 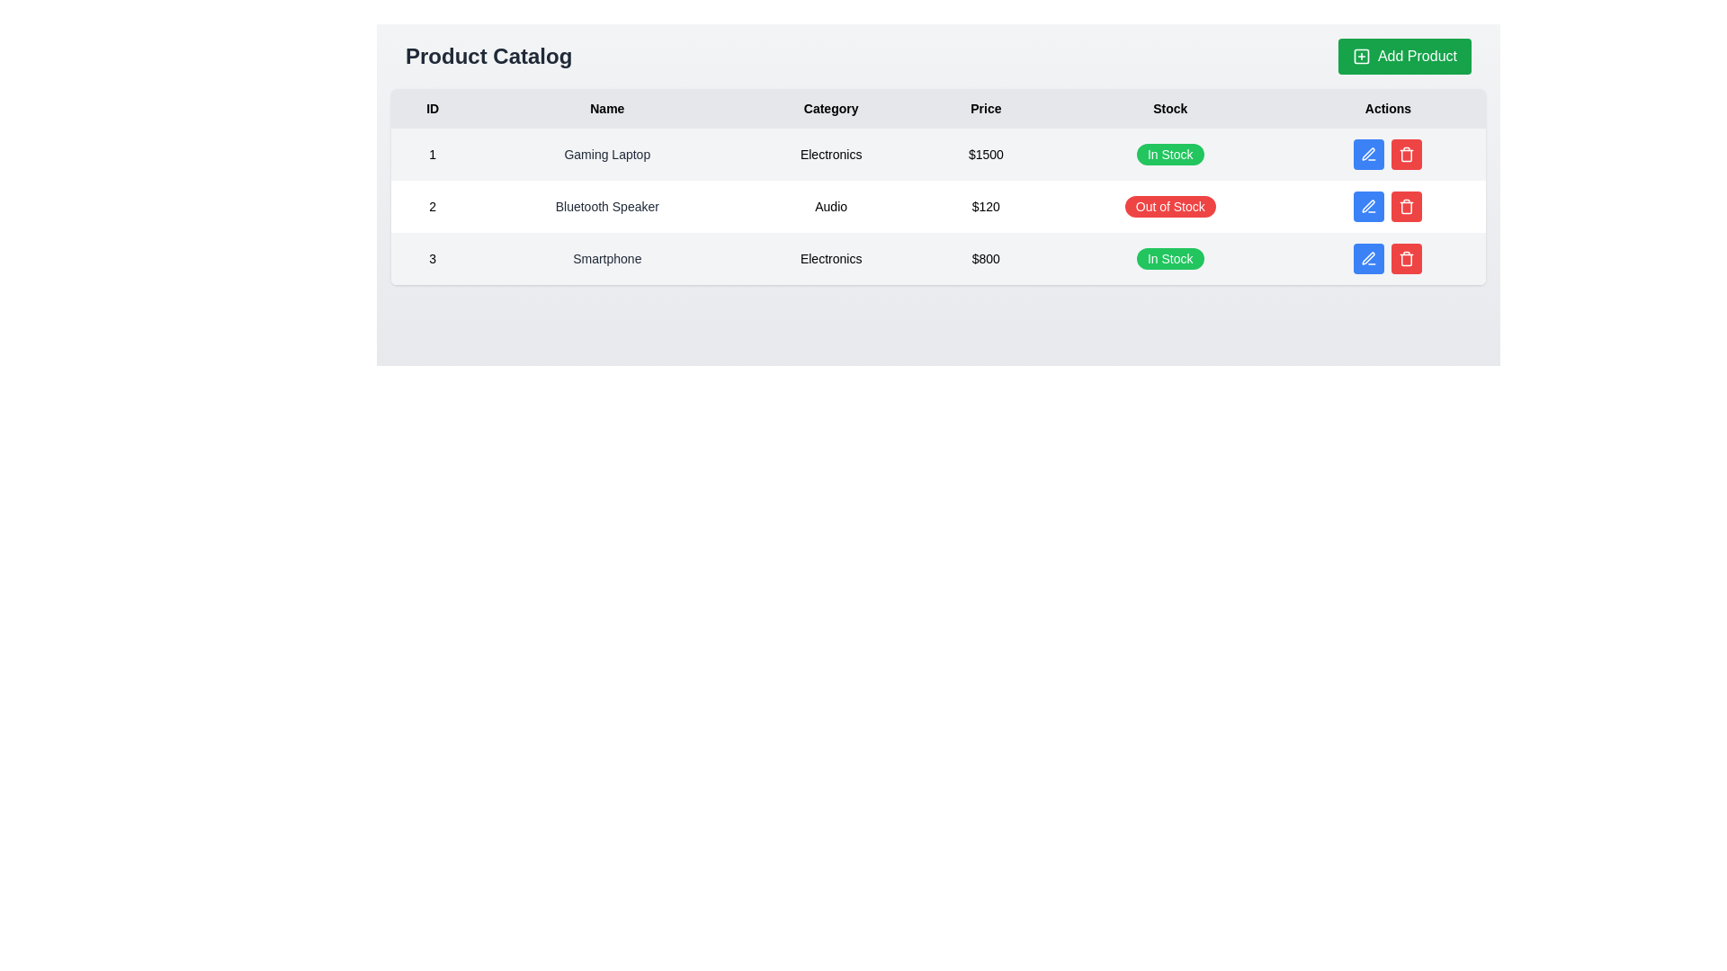 What do you see at coordinates (1403, 55) in the screenshot?
I see `the 'Add Product' button with a green background and white text` at bounding box center [1403, 55].